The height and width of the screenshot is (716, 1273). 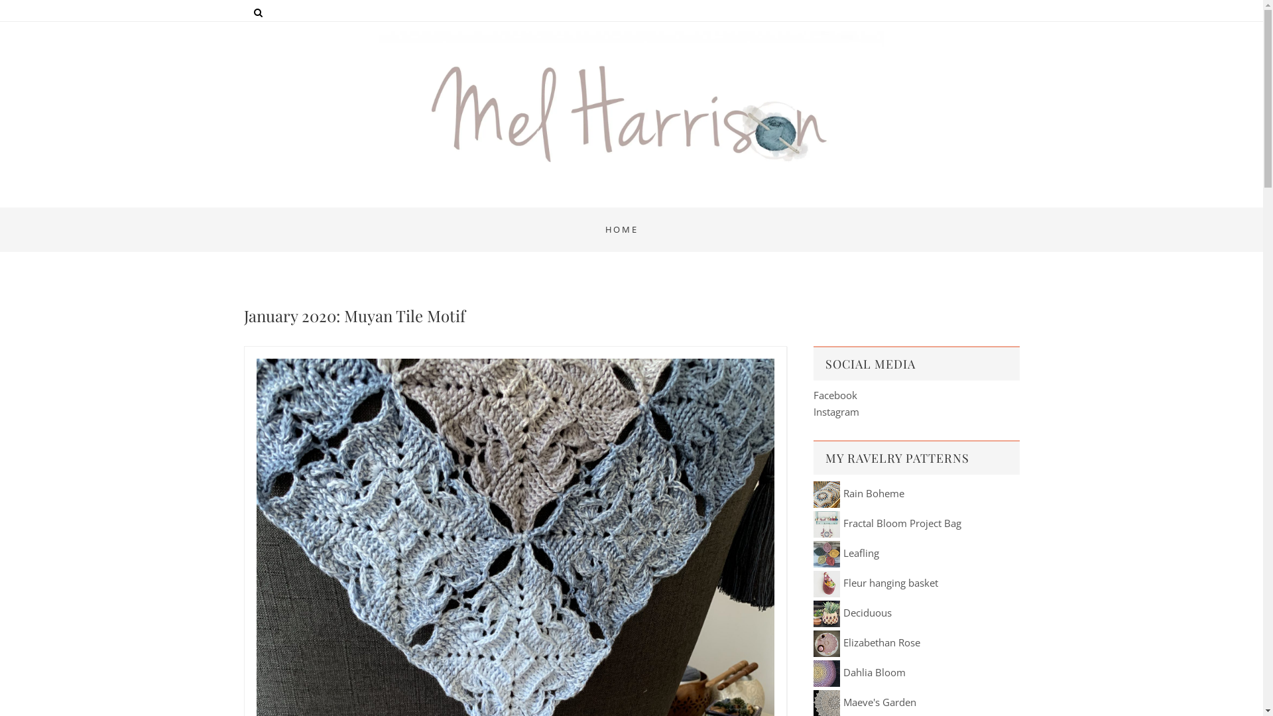 I want to click on 'Dahlia Bloom', so click(x=859, y=672).